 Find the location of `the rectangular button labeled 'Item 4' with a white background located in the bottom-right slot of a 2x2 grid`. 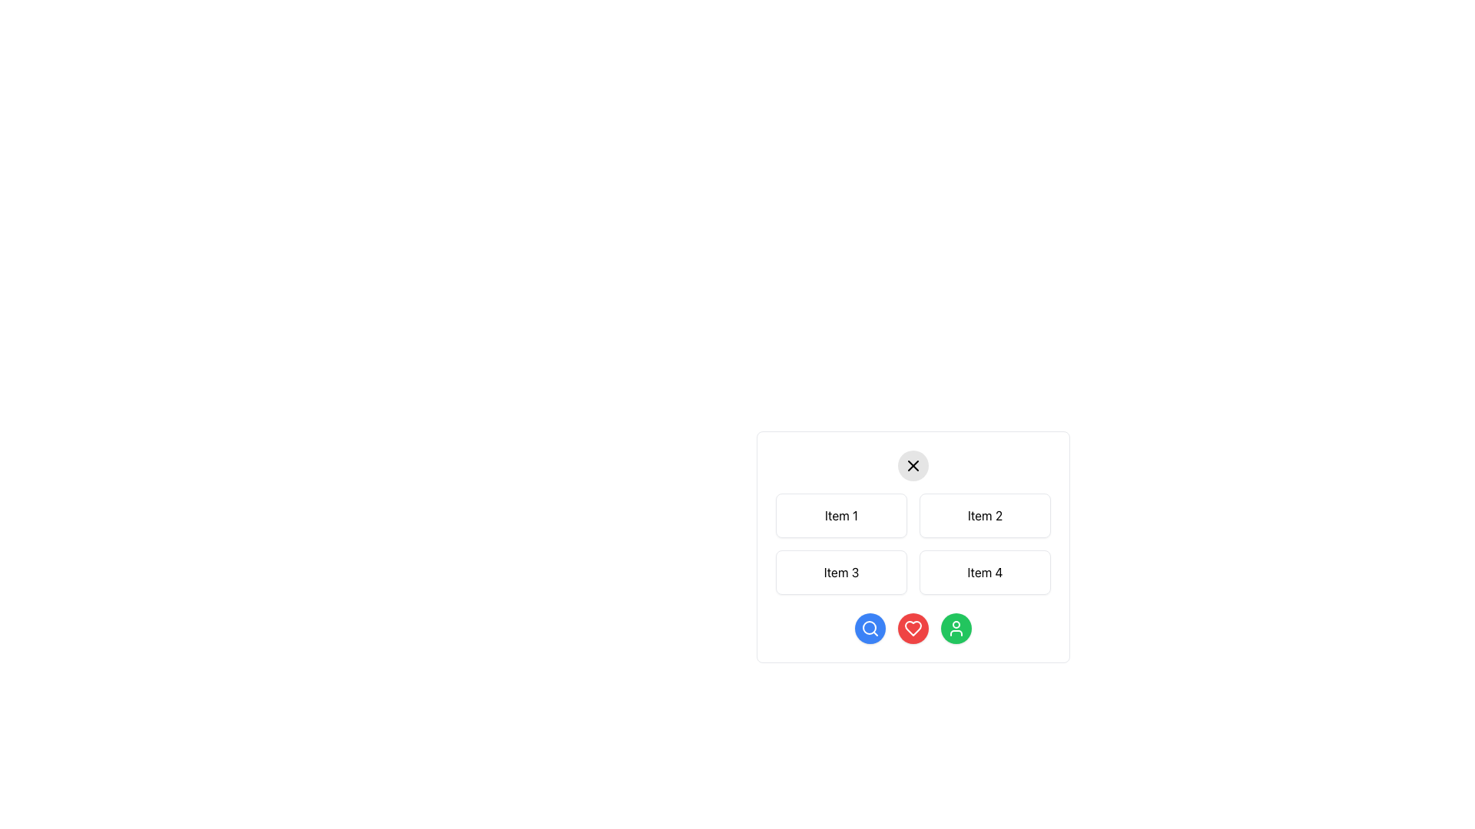

the rectangular button labeled 'Item 4' with a white background located in the bottom-right slot of a 2x2 grid is located at coordinates (985, 572).